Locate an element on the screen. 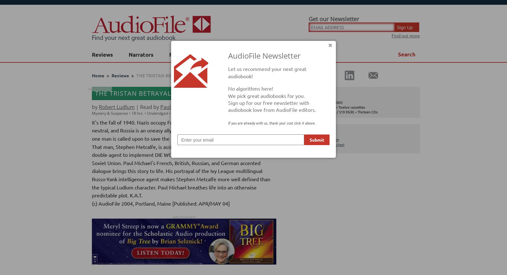  'Robert Ludlum' is located at coordinates (99, 107).